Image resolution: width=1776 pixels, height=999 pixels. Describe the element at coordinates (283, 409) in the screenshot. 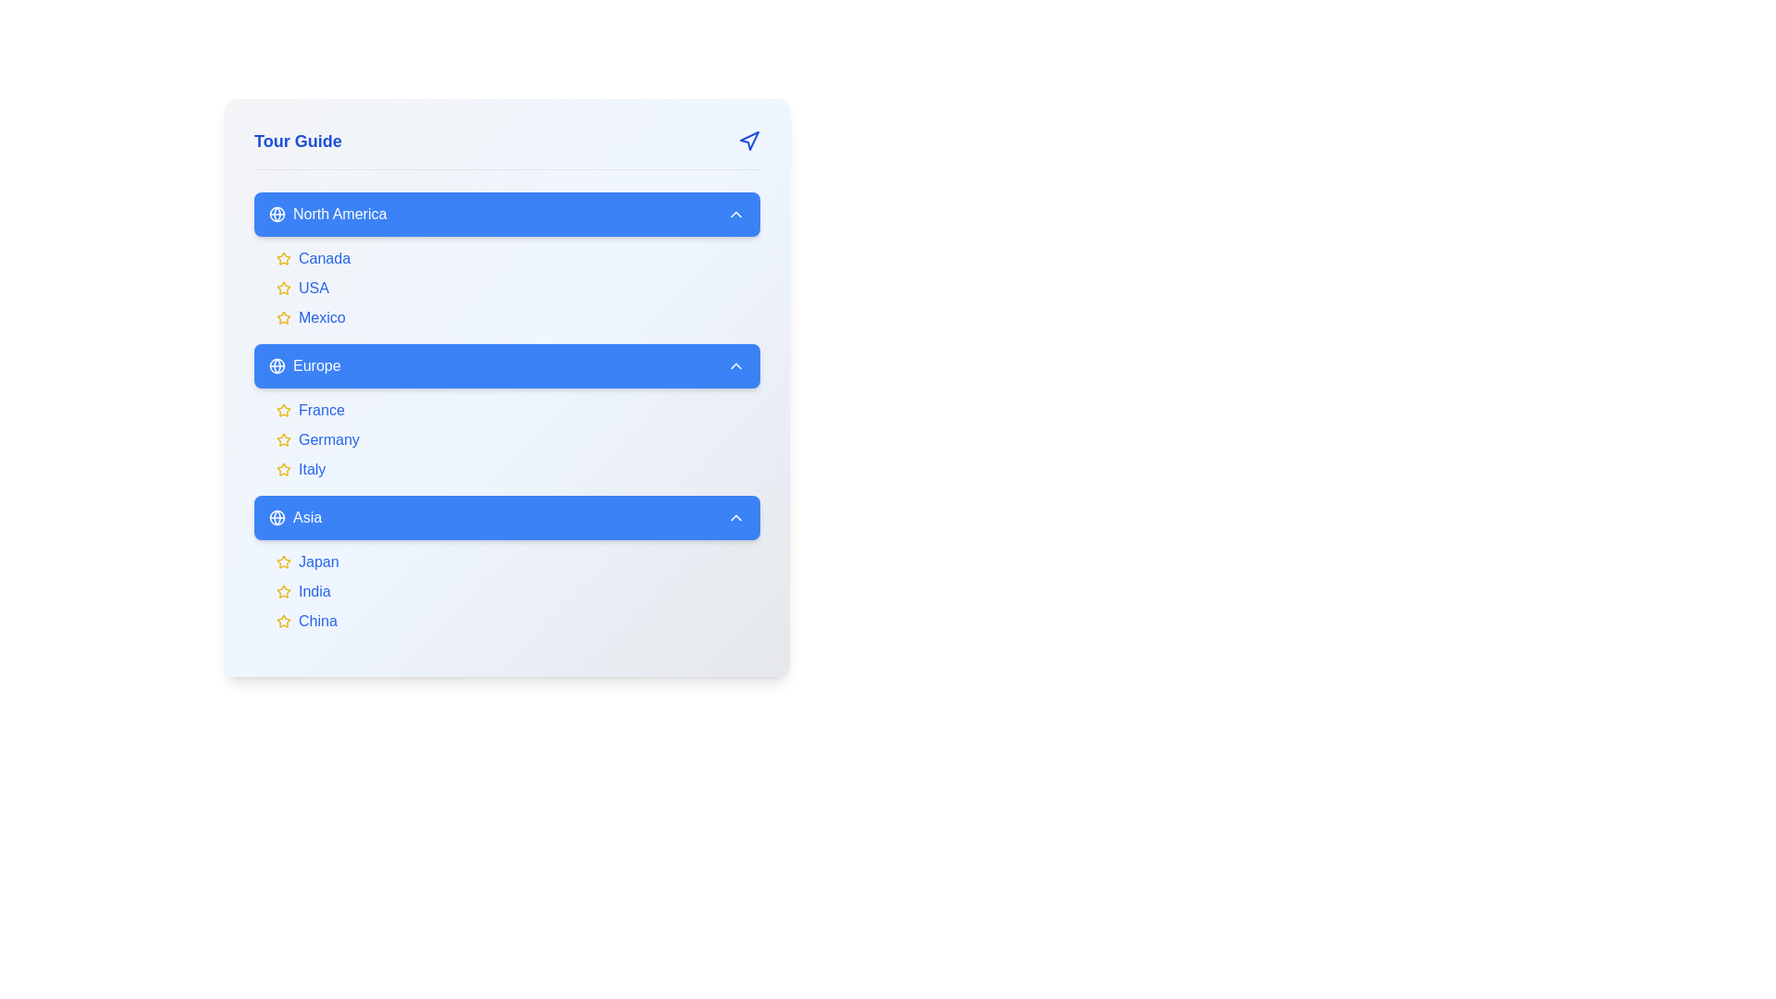

I see `the yellow star-shaped icon indicating a rating or bookmark feature, located to the left of the text 'France' in the 'Europe' section` at that location.